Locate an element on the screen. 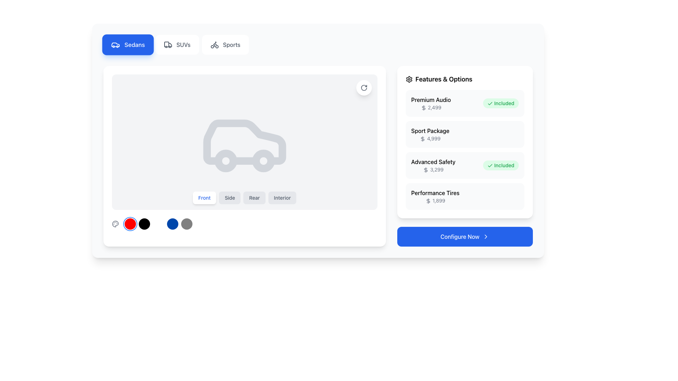 This screenshot has height=381, width=678. the 'Sports' category icon located in the navigation bar is located at coordinates (214, 45).